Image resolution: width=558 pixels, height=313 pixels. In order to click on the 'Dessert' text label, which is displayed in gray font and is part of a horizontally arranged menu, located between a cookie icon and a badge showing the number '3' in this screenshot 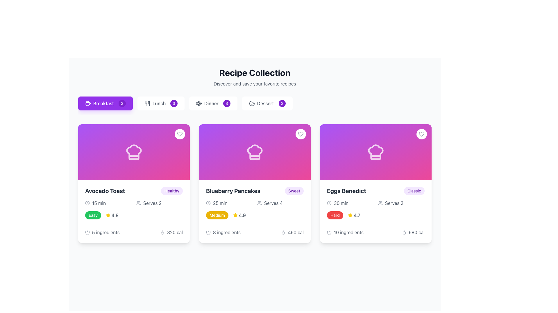, I will do `click(265, 103)`.